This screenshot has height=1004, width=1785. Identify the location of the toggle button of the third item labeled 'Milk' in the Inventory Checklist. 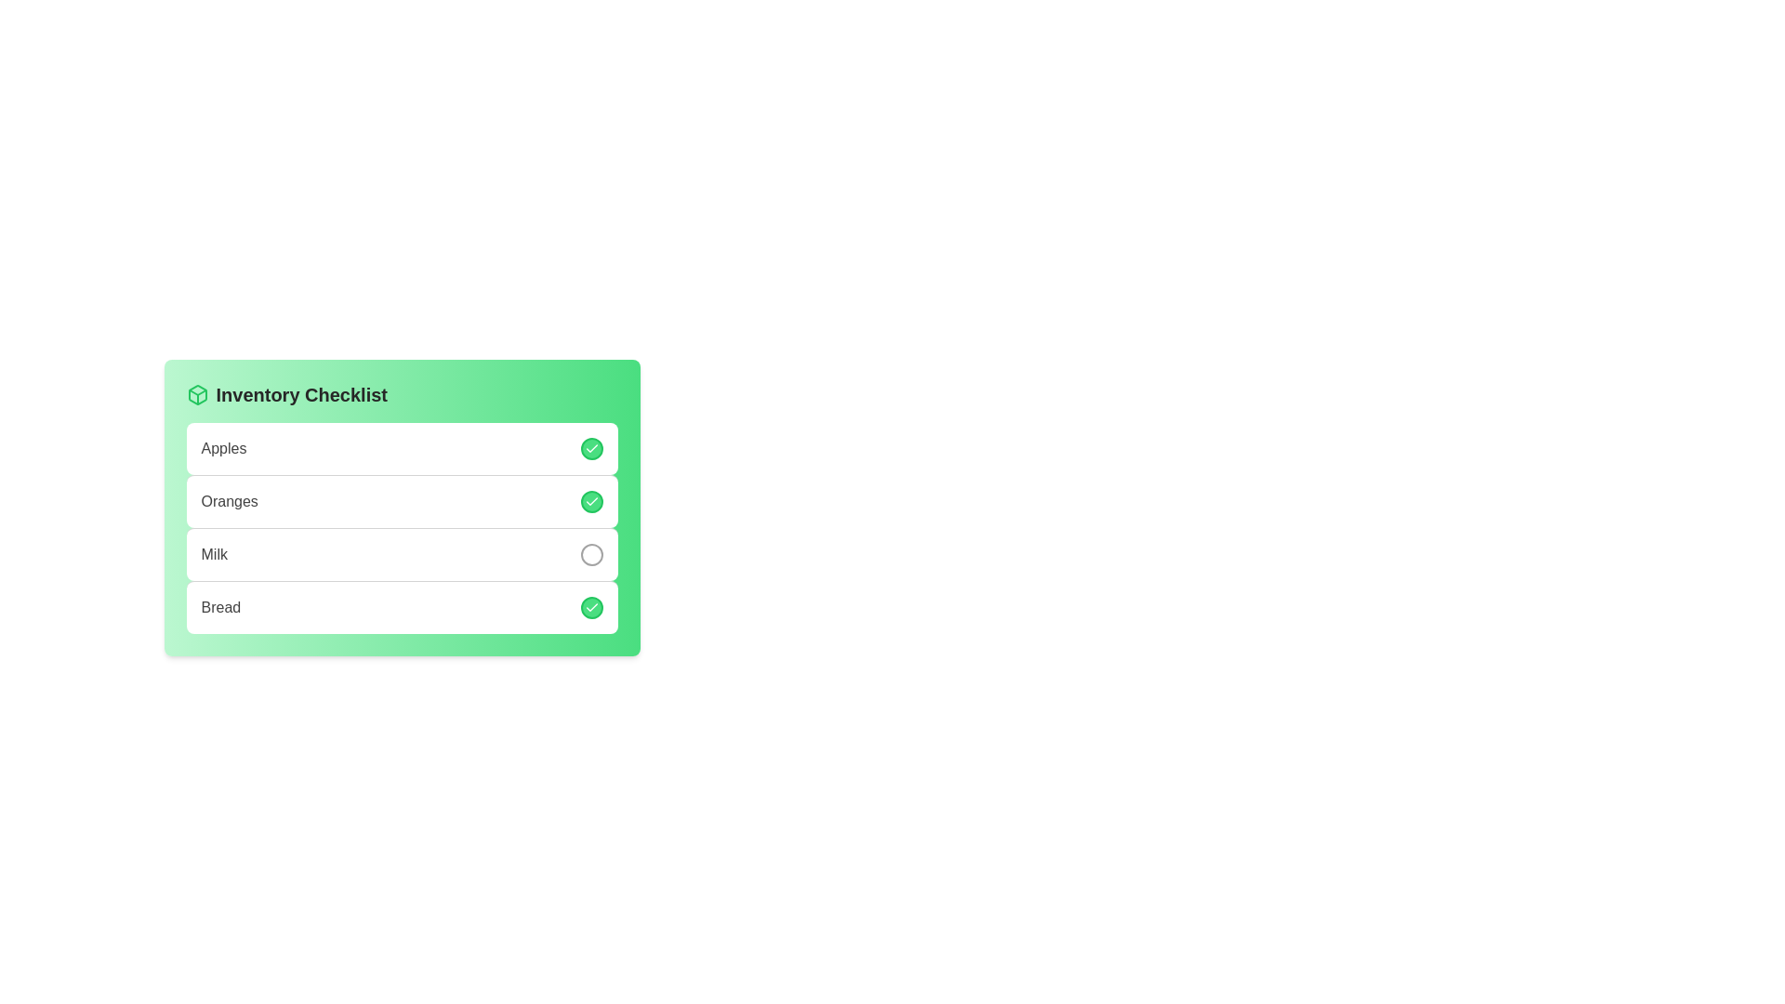
(401, 546).